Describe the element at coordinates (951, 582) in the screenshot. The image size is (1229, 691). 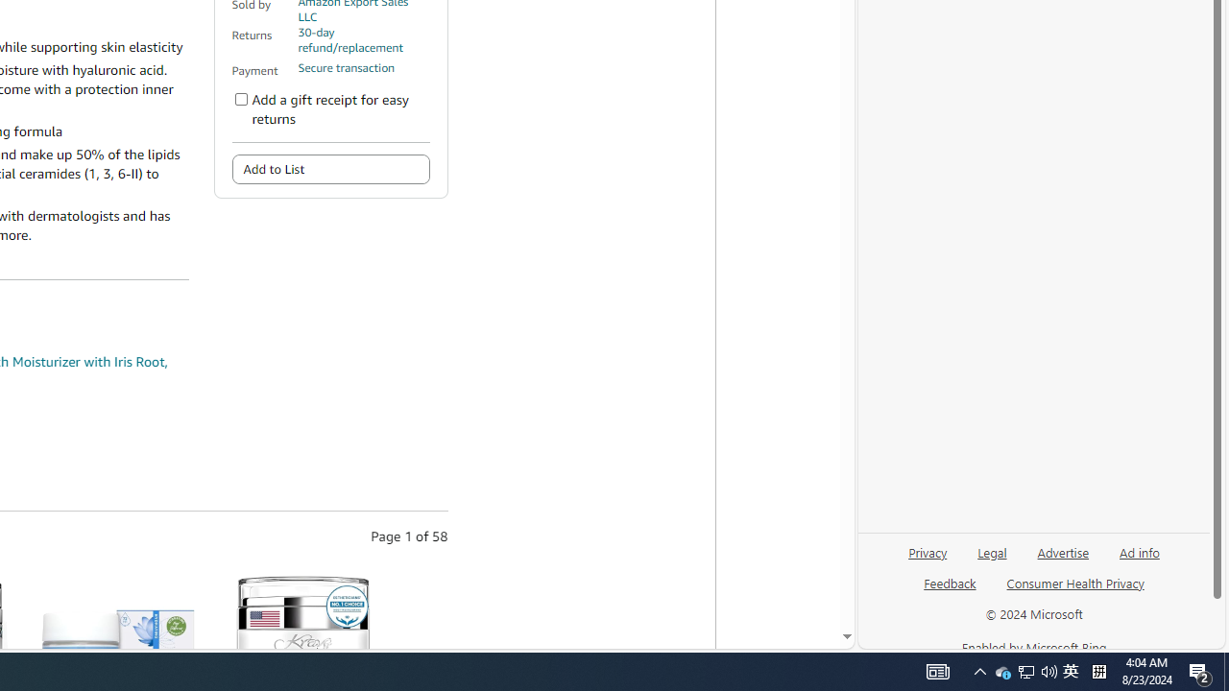
I see `'Feedback'` at that location.